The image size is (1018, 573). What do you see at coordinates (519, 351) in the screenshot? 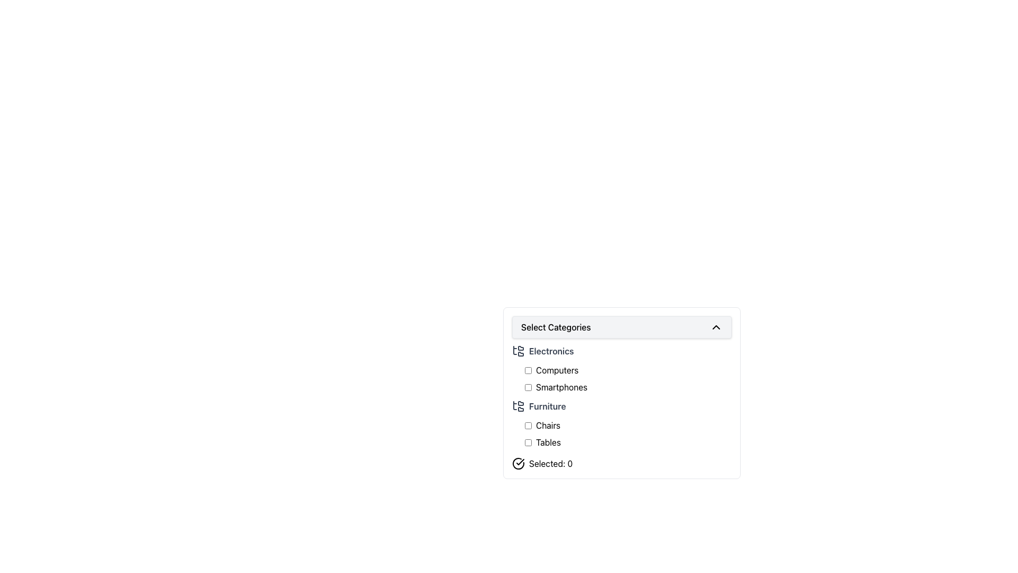
I see `the small folder-tree icon located to the left of the text 'Electronics' in the main dropdown area` at bounding box center [519, 351].